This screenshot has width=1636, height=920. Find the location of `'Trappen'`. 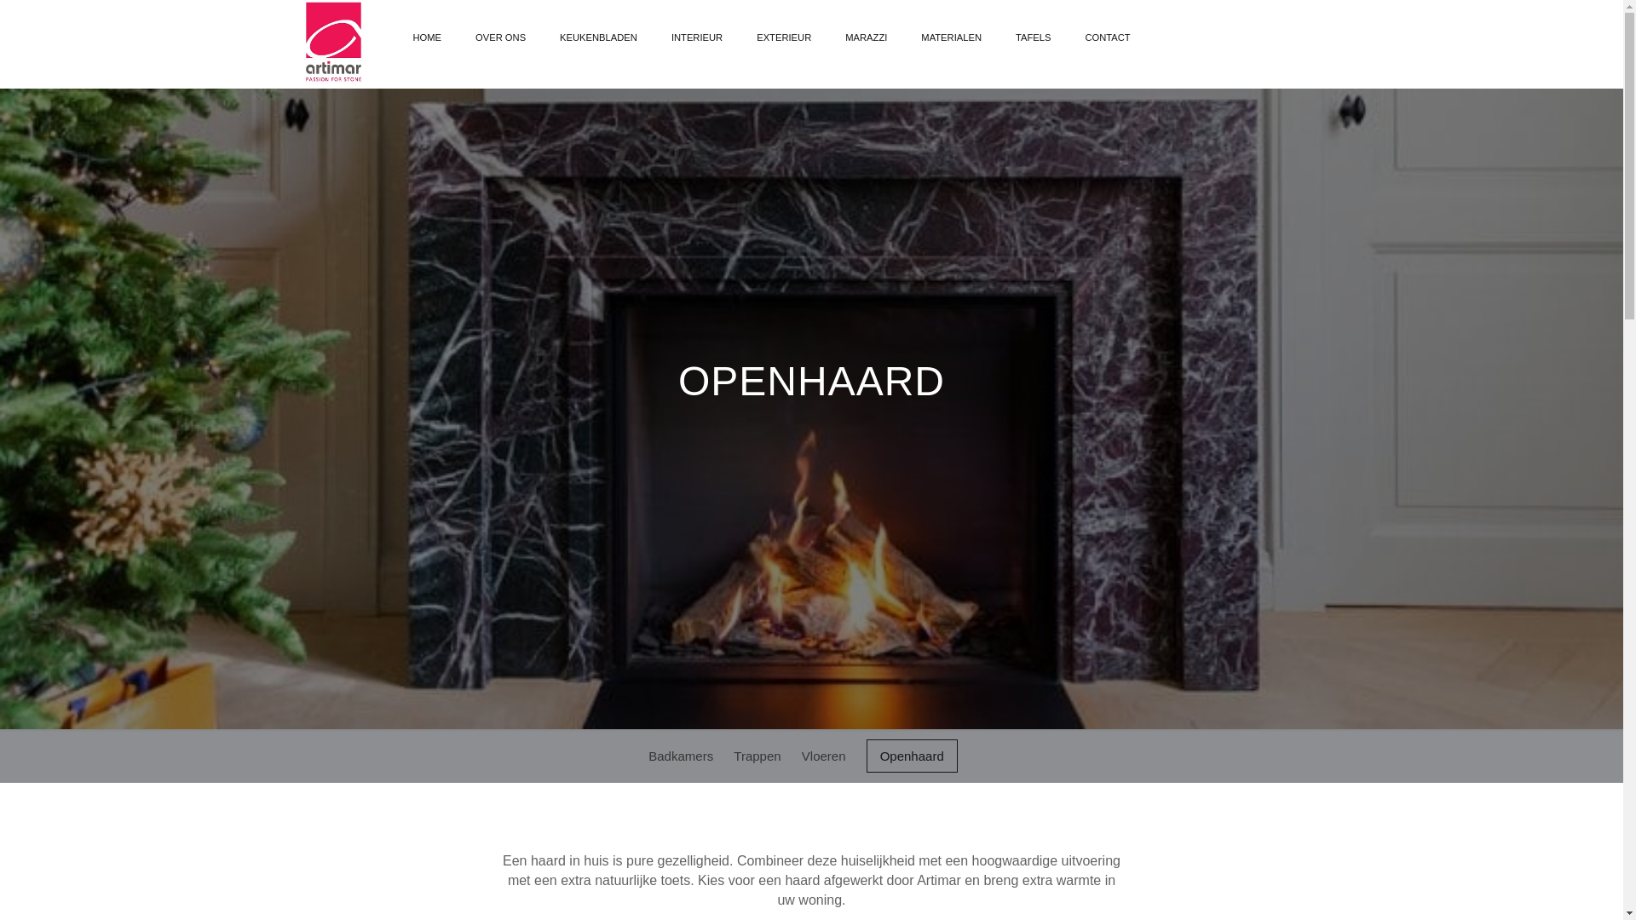

'Trappen' is located at coordinates (733, 755).